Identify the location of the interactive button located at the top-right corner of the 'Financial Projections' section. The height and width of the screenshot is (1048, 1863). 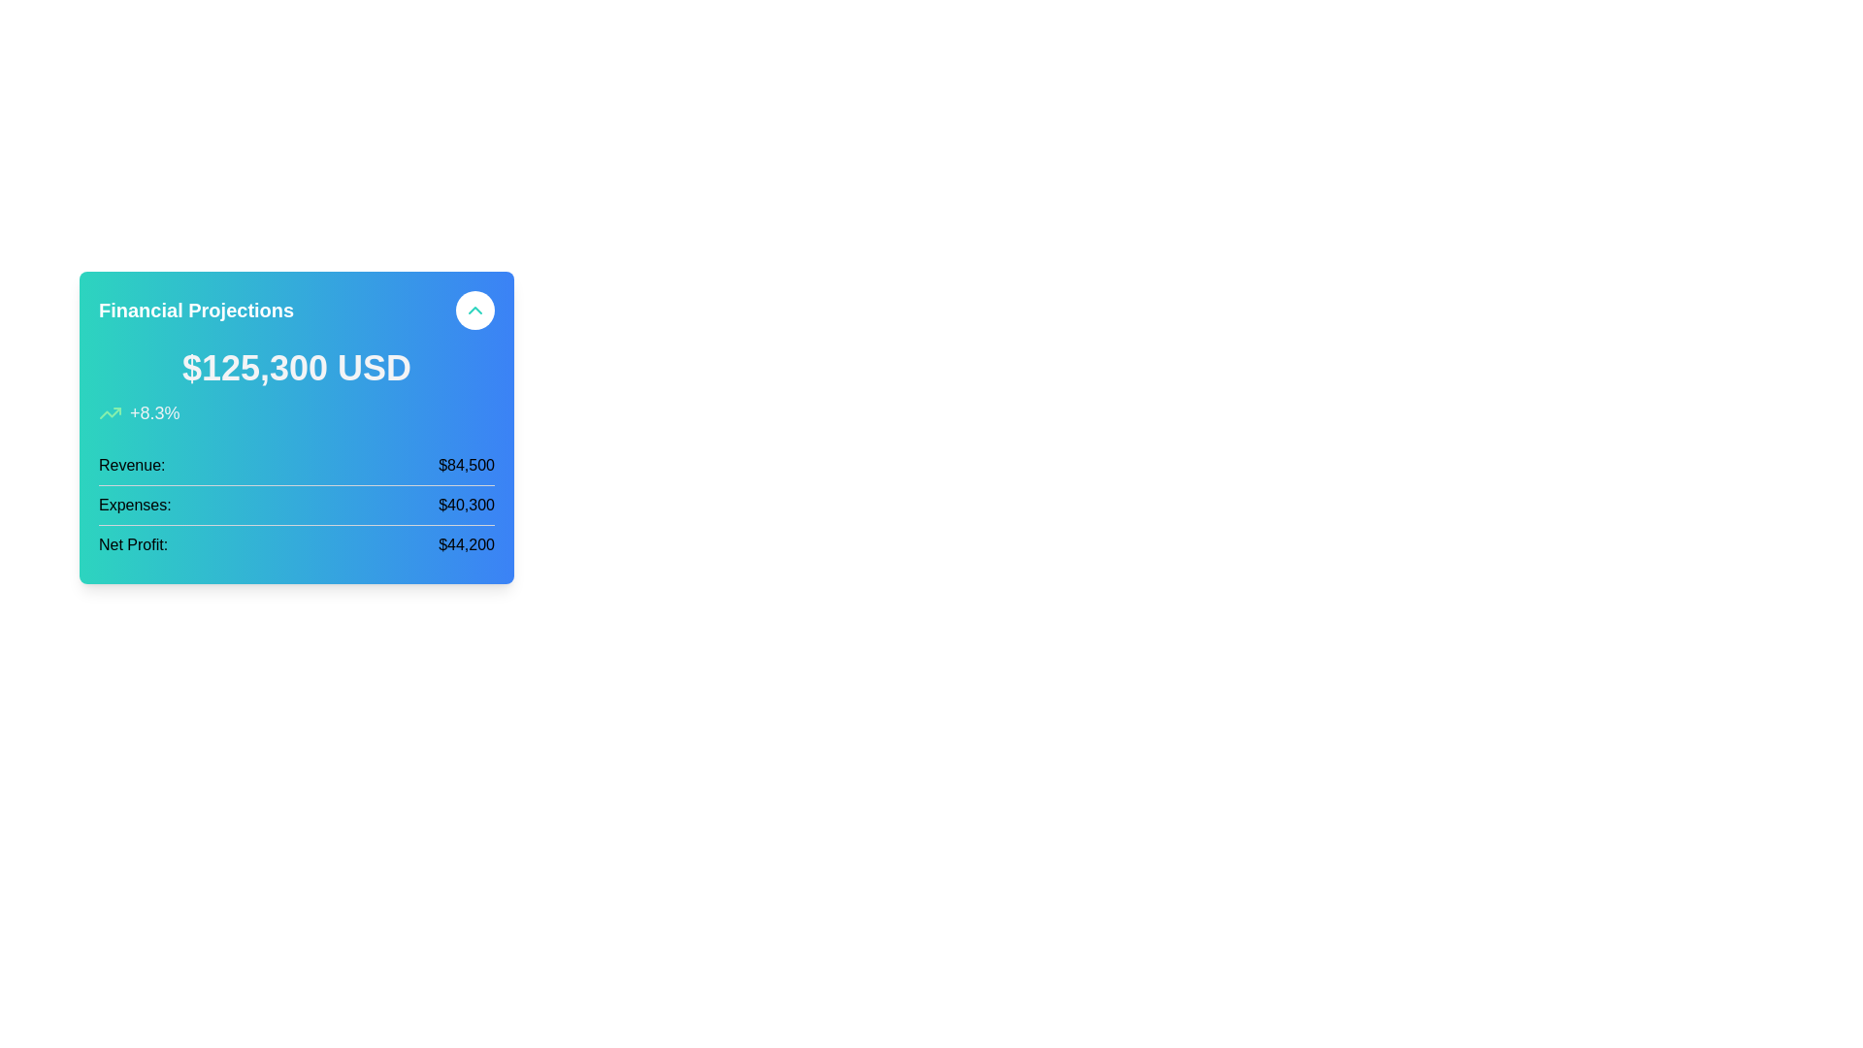
(474, 310).